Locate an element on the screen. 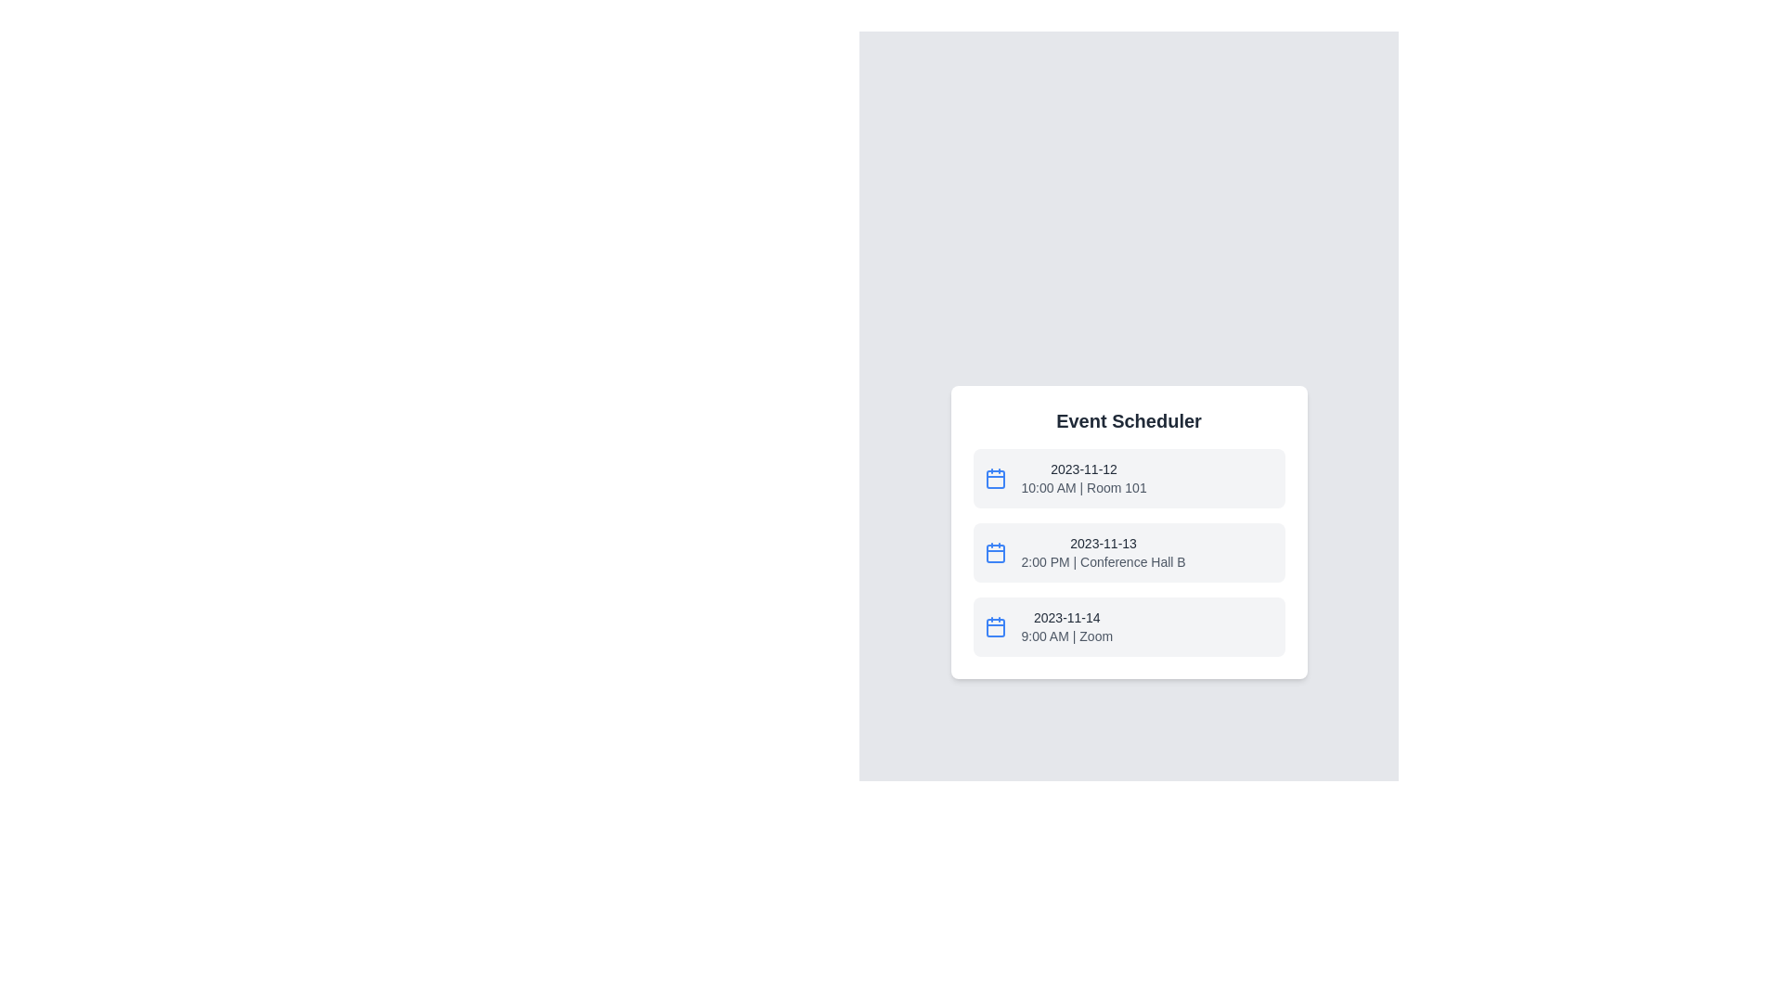 This screenshot has width=1782, height=1002. the second list item representing the scheduled event for '2023-11-13 2:00 PM | Conference Hall B' is located at coordinates (1128, 552).